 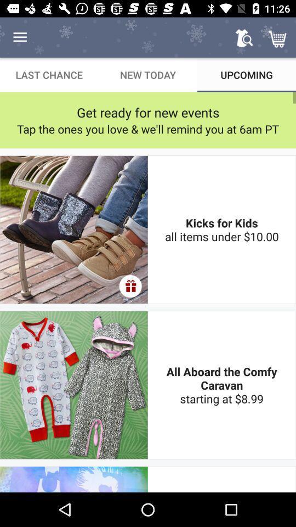 I want to click on item above the upcoming icon, so click(x=244, y=37).